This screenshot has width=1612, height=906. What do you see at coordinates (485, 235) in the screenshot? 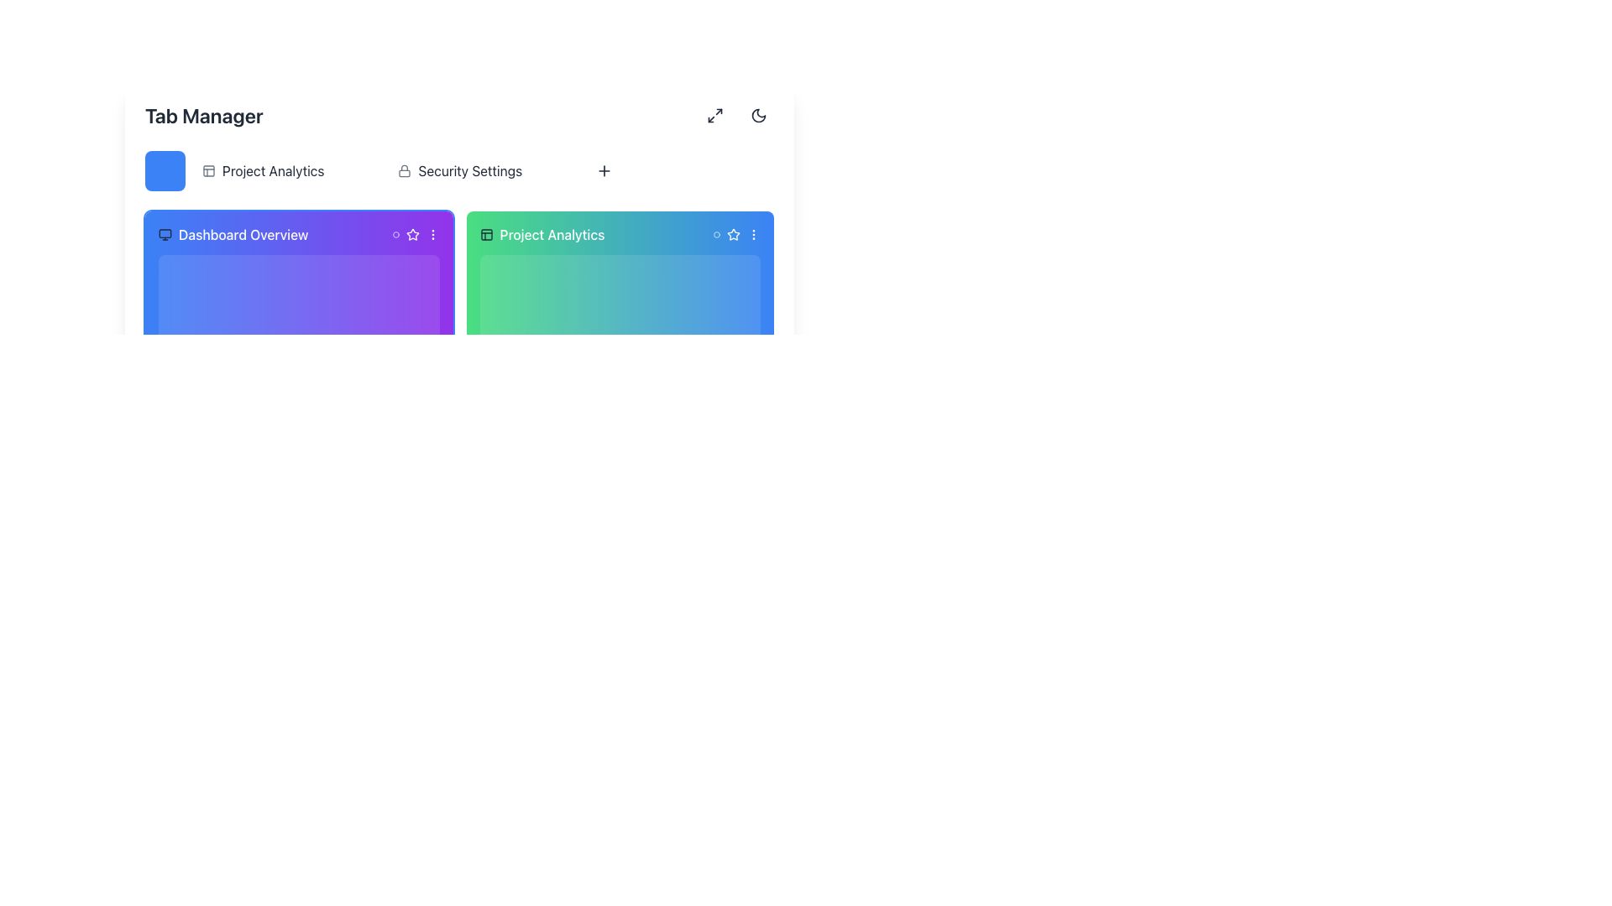
I see `the layout-related icon located in the 'Project Analytics' tab, positioned to the left of the 'Project Analytics' text label` at bounding box center [485, 235].